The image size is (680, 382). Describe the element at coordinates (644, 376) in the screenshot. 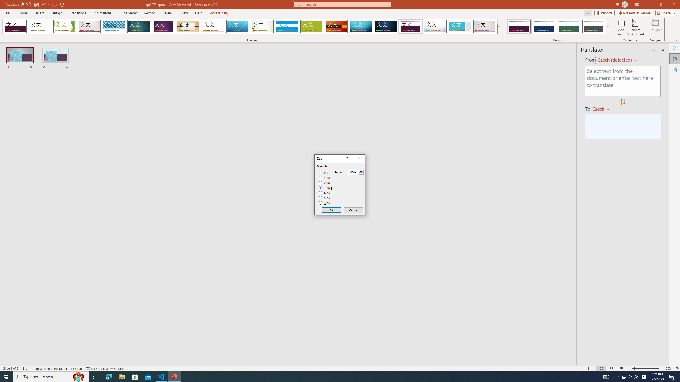

I see `'Tray Input Indicator - Chinese (Simplified, China)'` at that location.